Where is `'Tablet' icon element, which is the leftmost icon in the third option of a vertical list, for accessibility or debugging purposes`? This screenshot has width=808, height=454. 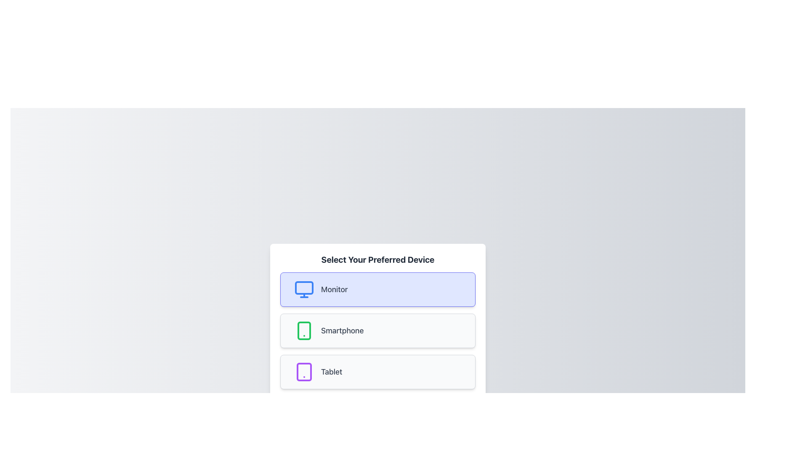
'Tablet' icon element, which is the leftmost icon in the third option of a vertical list, for accessibility or debugging purposes is located at coordinates (304, 371).